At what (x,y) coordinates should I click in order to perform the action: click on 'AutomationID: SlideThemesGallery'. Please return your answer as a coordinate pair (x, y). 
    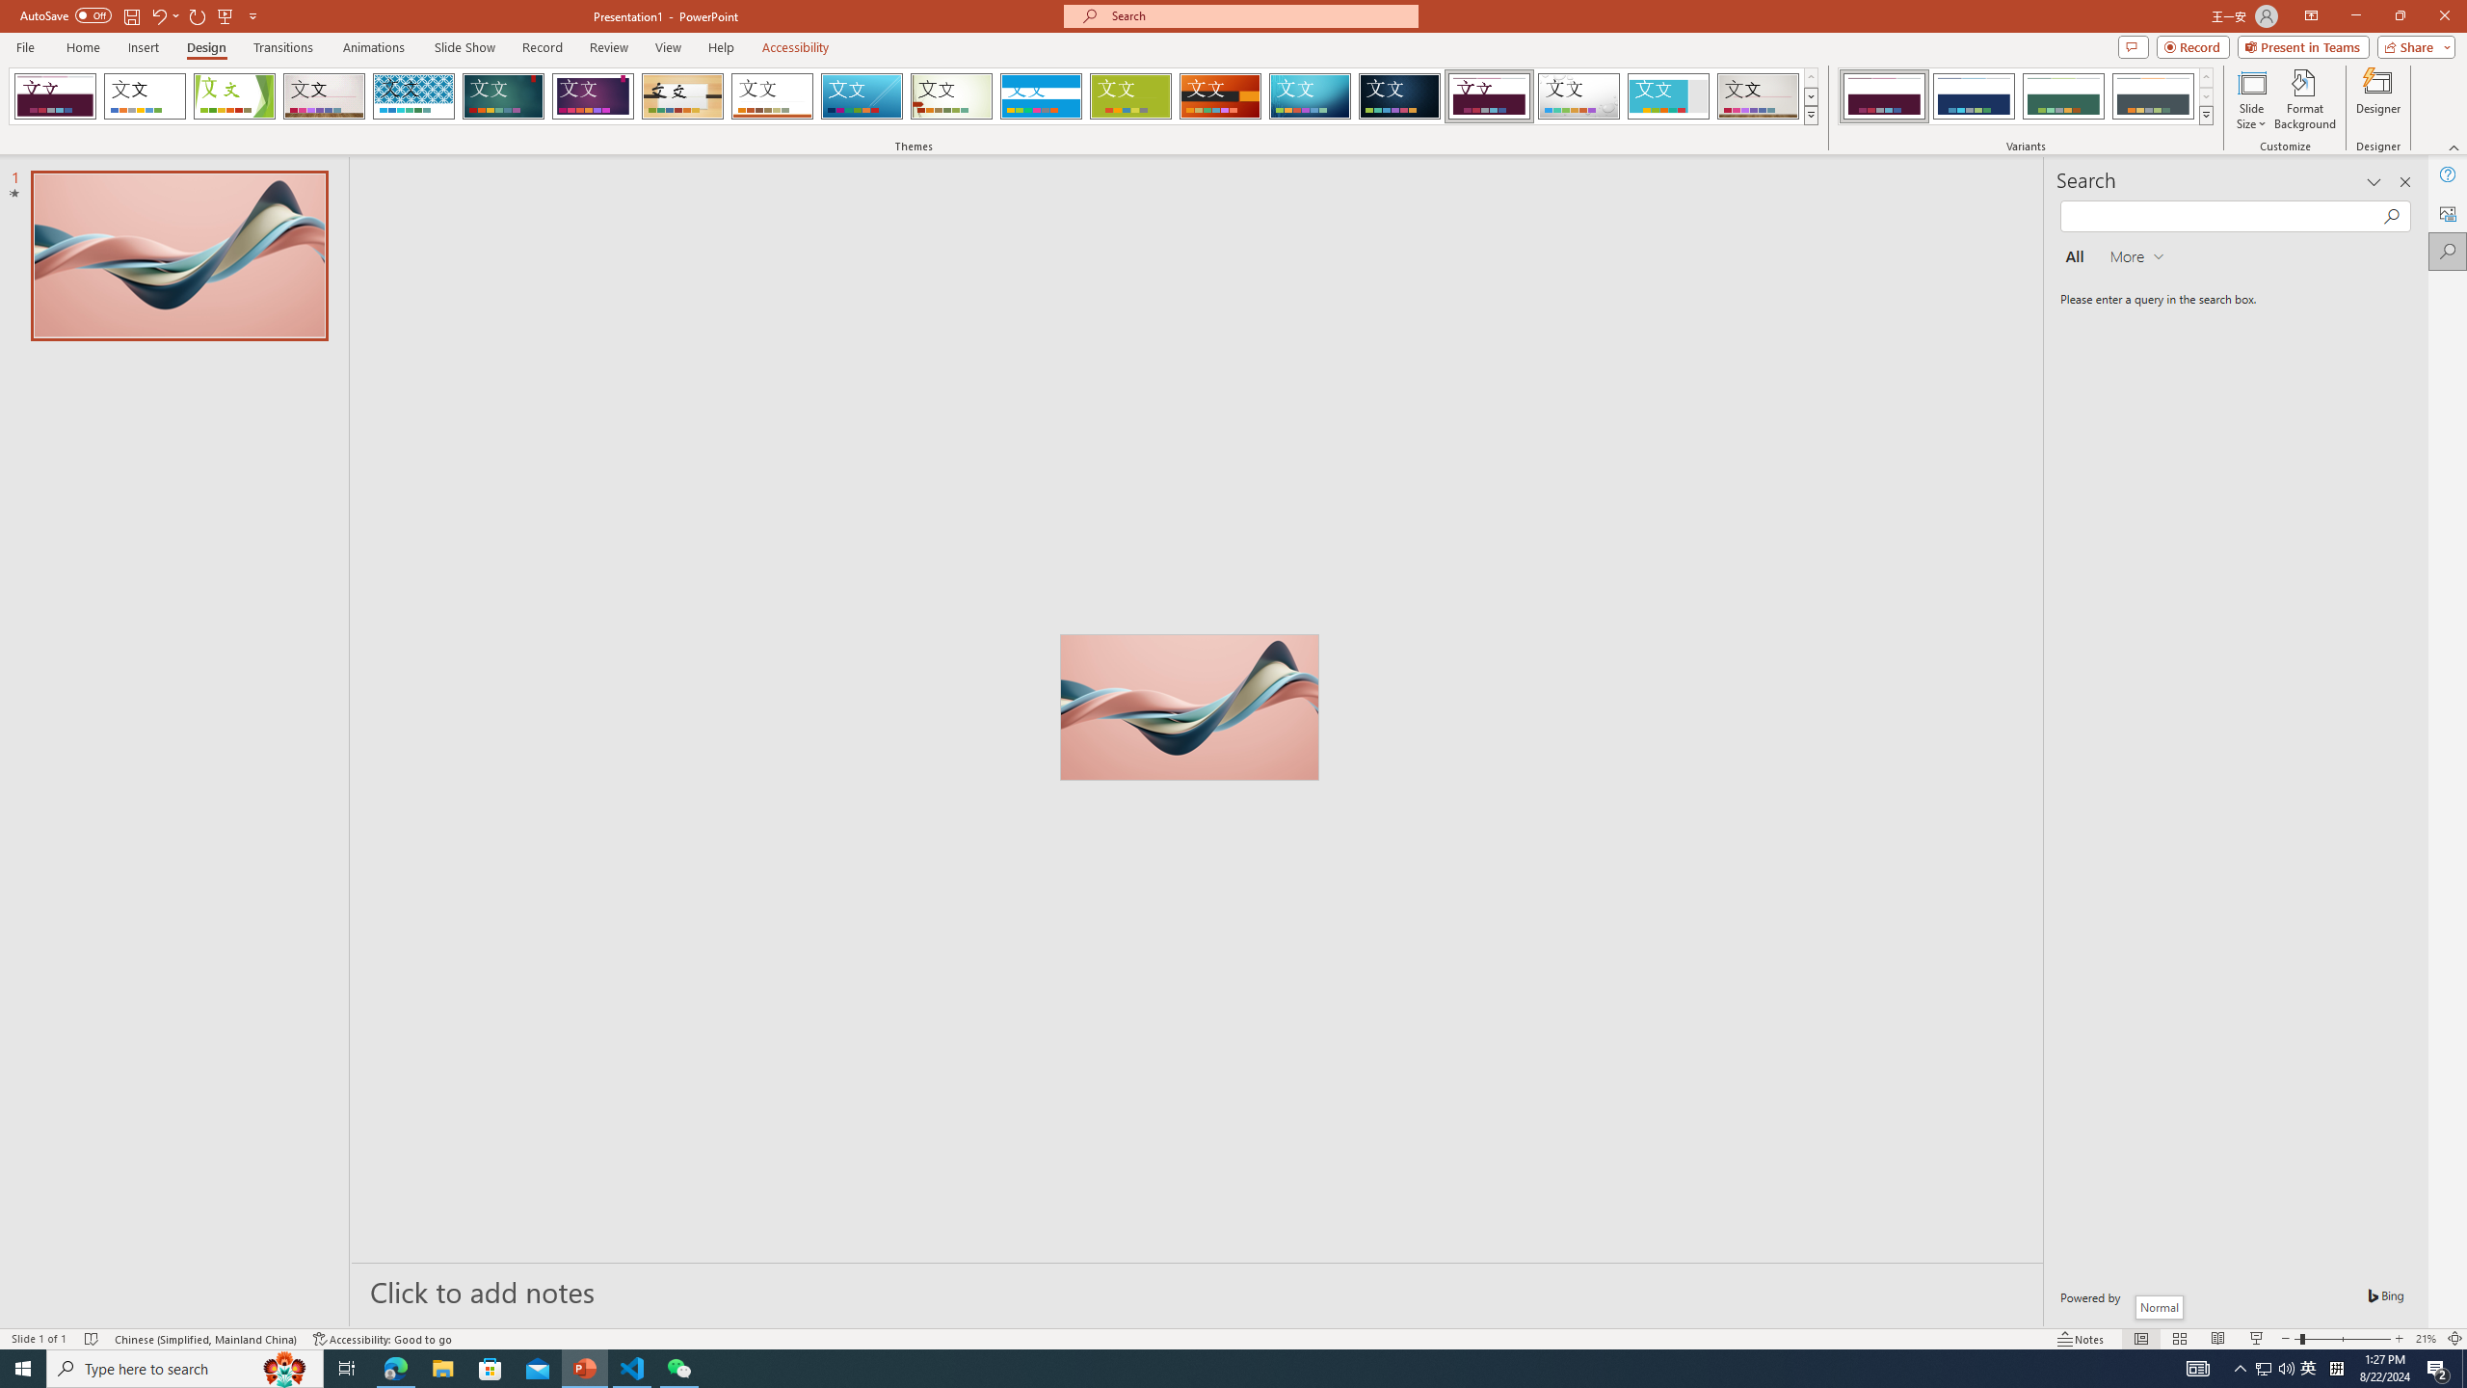
    Looking at the image, I should click on (913, 95).